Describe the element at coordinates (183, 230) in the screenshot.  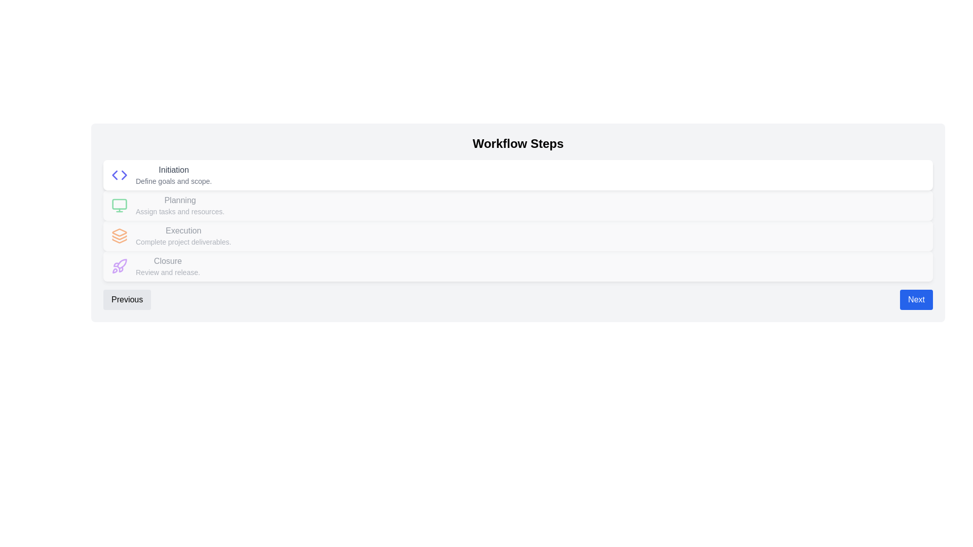
I see `the 'Execution' phase text label within the 'Workflow Steps' list, located between 'Planning' and 'Closure', which indicates the current phase of the workflow` at that location.